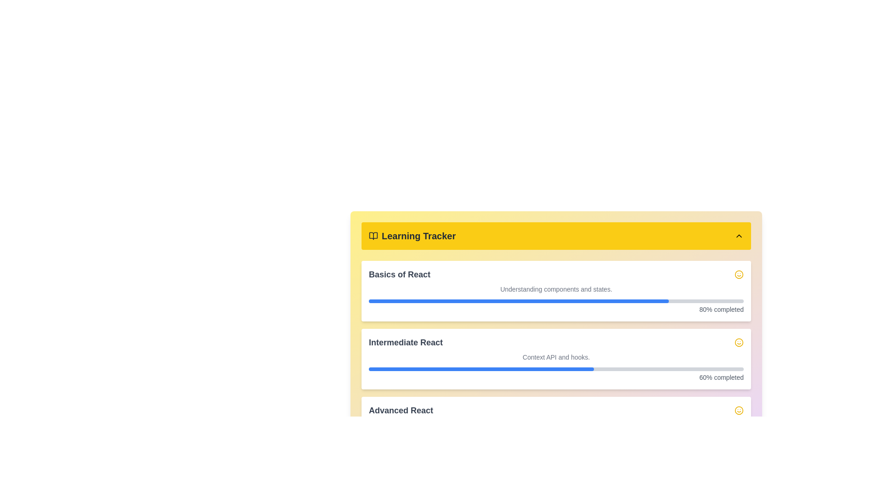 The height and width of the screenshot is (496, 882). I want to click on the 'Intermediate React' learning module card, which is the second card in the vertical list of three cards under the 'Learning Tracker' section, so click(555, 359).